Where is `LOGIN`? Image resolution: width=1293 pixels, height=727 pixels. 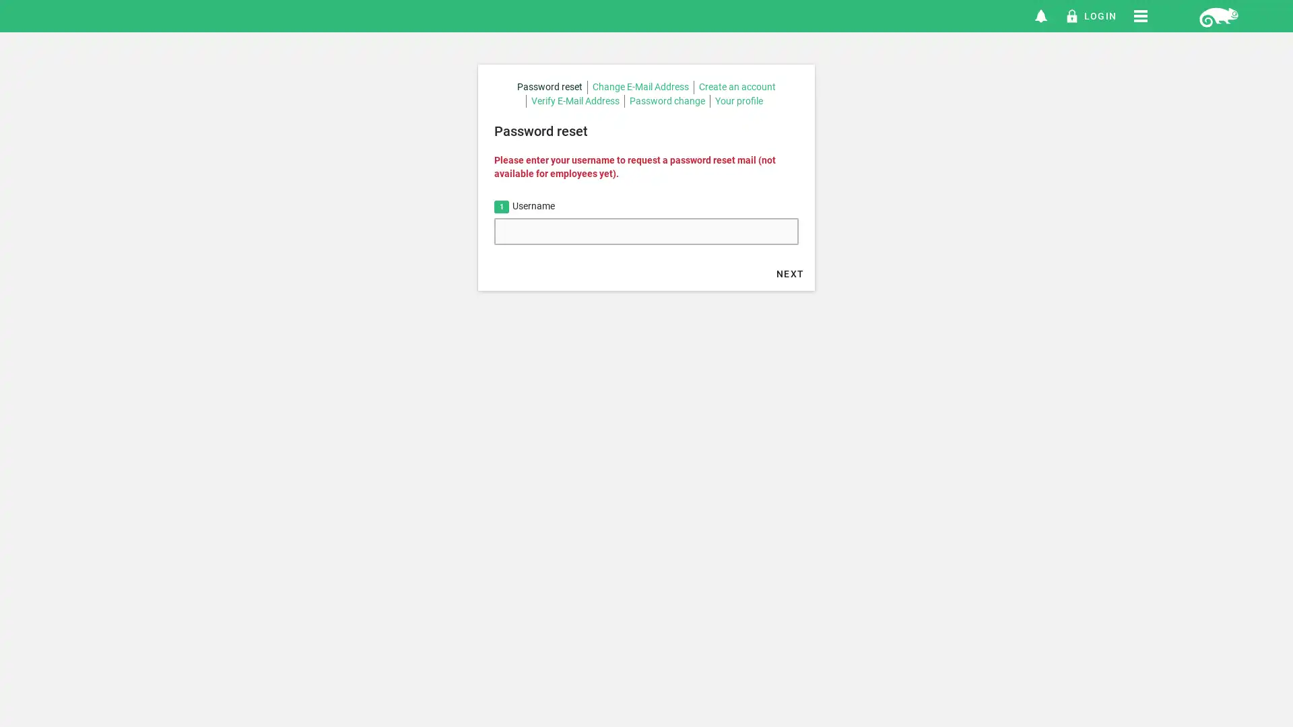 LOGIN is located at coordinates (1090, 15).